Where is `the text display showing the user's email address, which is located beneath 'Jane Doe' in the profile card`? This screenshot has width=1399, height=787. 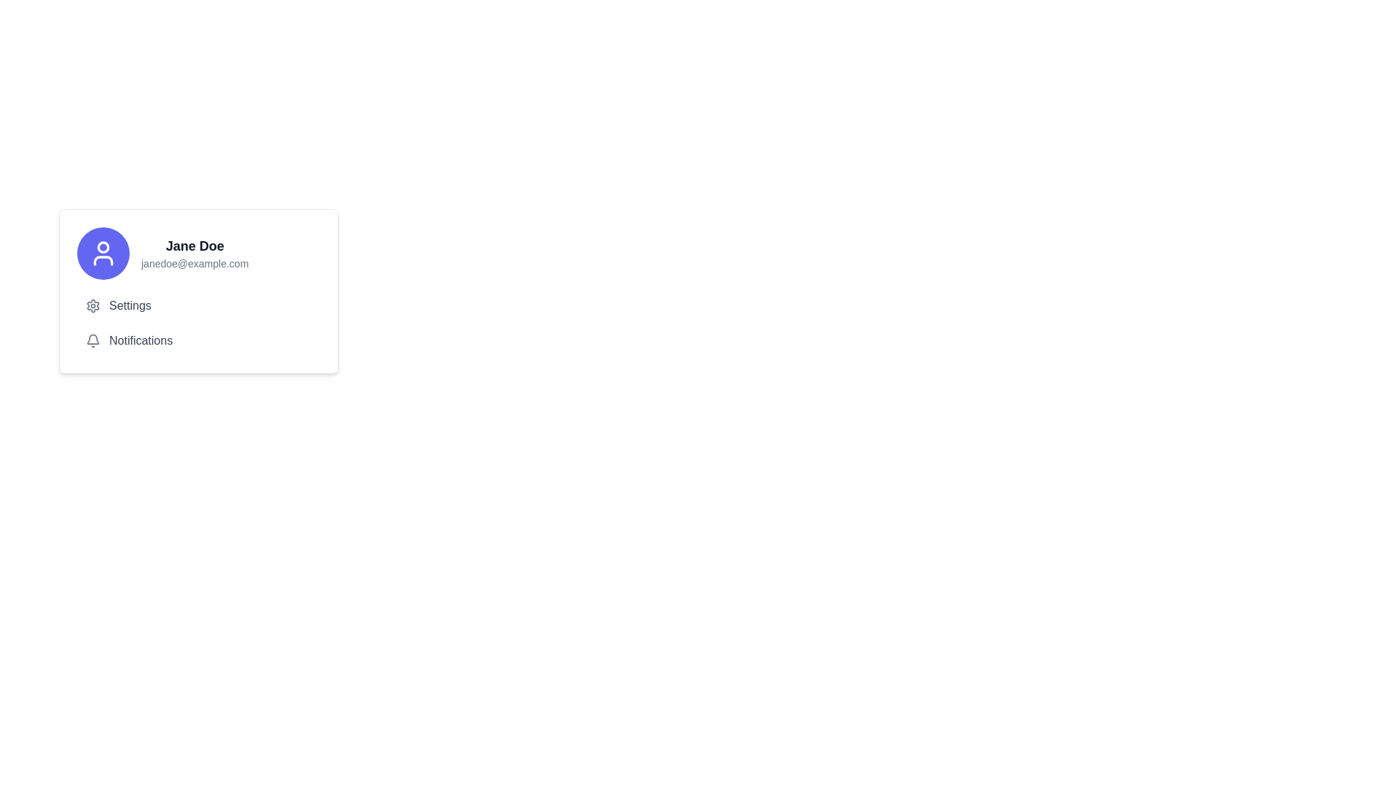 the text display showing the user's email address, which is located beneath 'Jane Doe' in the profile card is located at coordinates (194, 264).